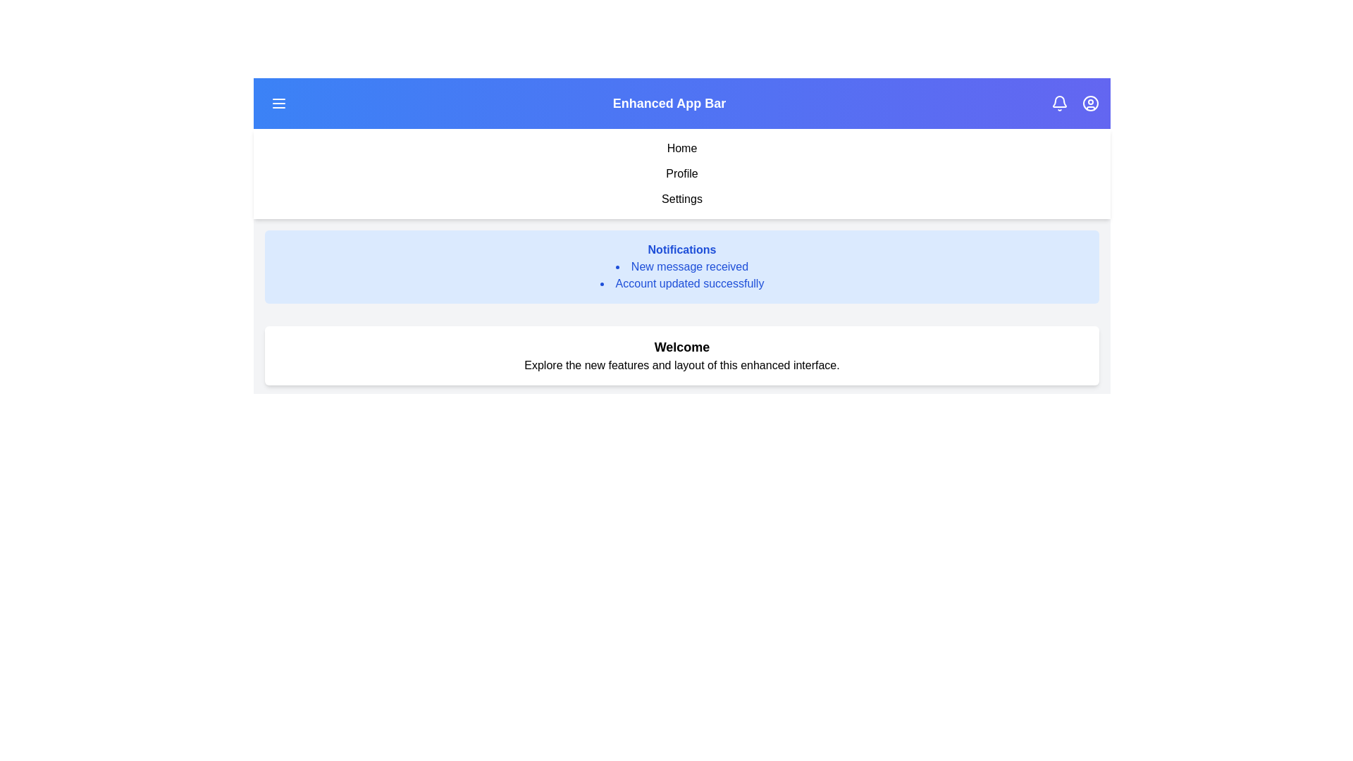 This screenshot has width=1353, height=761. What do you see at coordinates (669, 102) in the screenshot?
I see `the app bar title to inspect it` at bounding box center [669, 102].